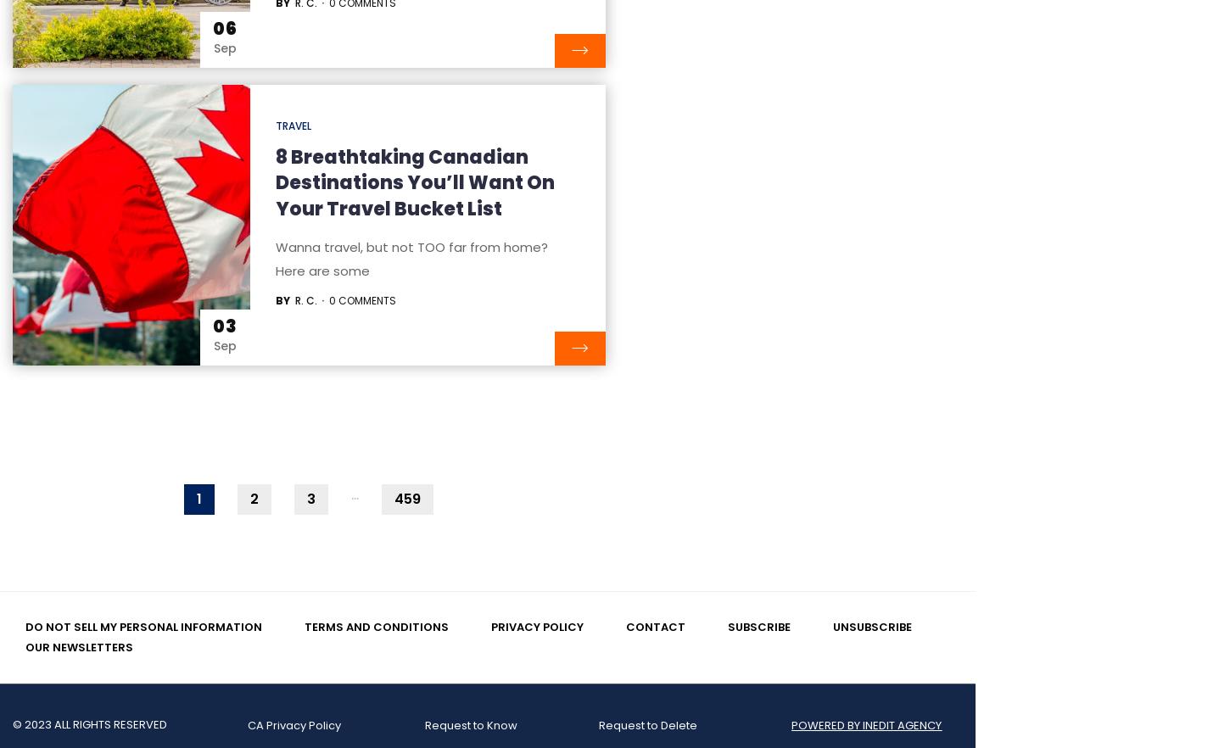 The image size is (1219, 748). Describe the element at coordinates (537, 625) in the screenshot. I see `'Privacy Policy'` at that location.